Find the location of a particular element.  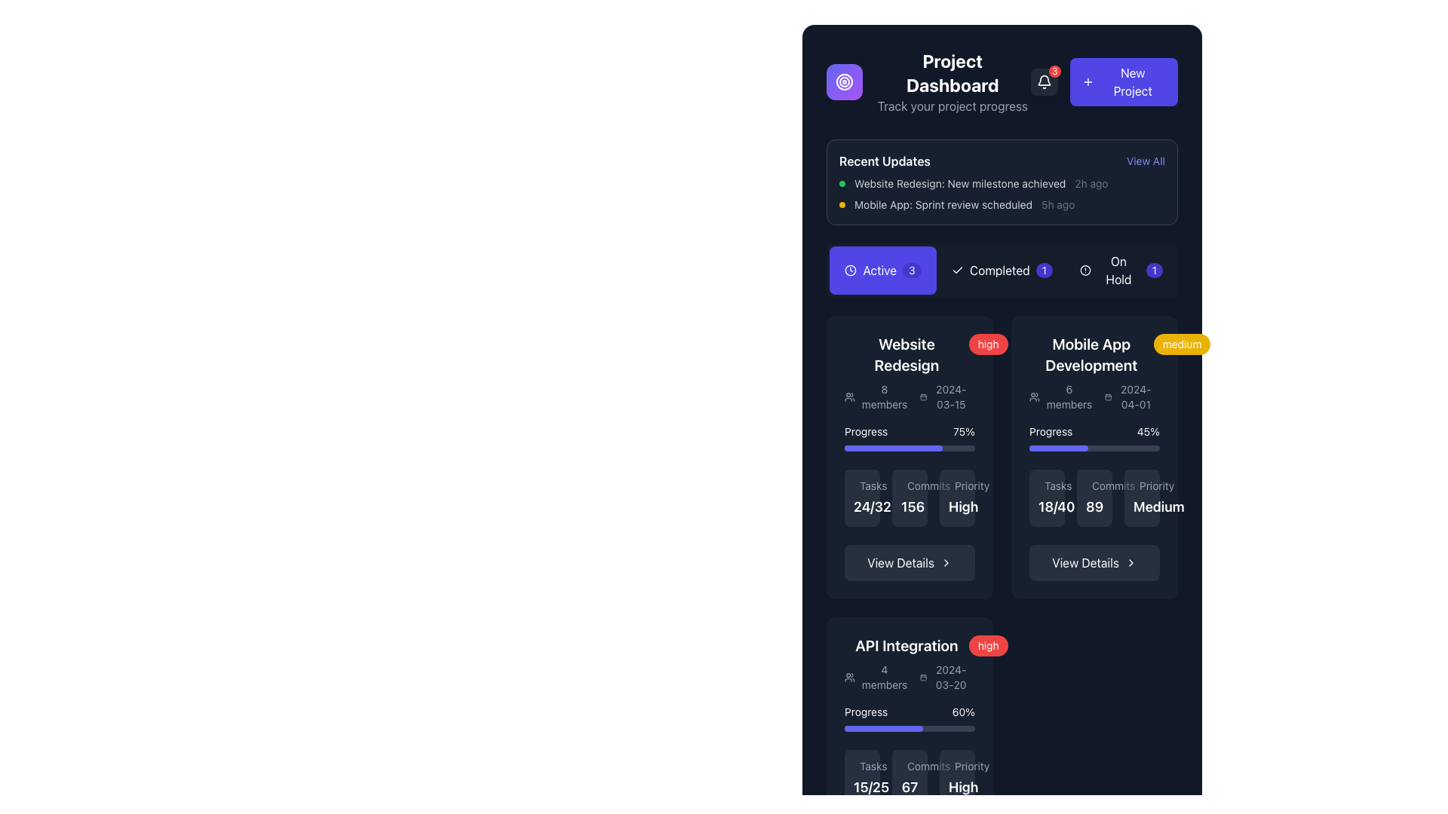

the text label that indicates task completion statistics, located in the bottom-left corner of the 'API Integration' section, above the fraction '15/25' is located at coordinates (862, 767).